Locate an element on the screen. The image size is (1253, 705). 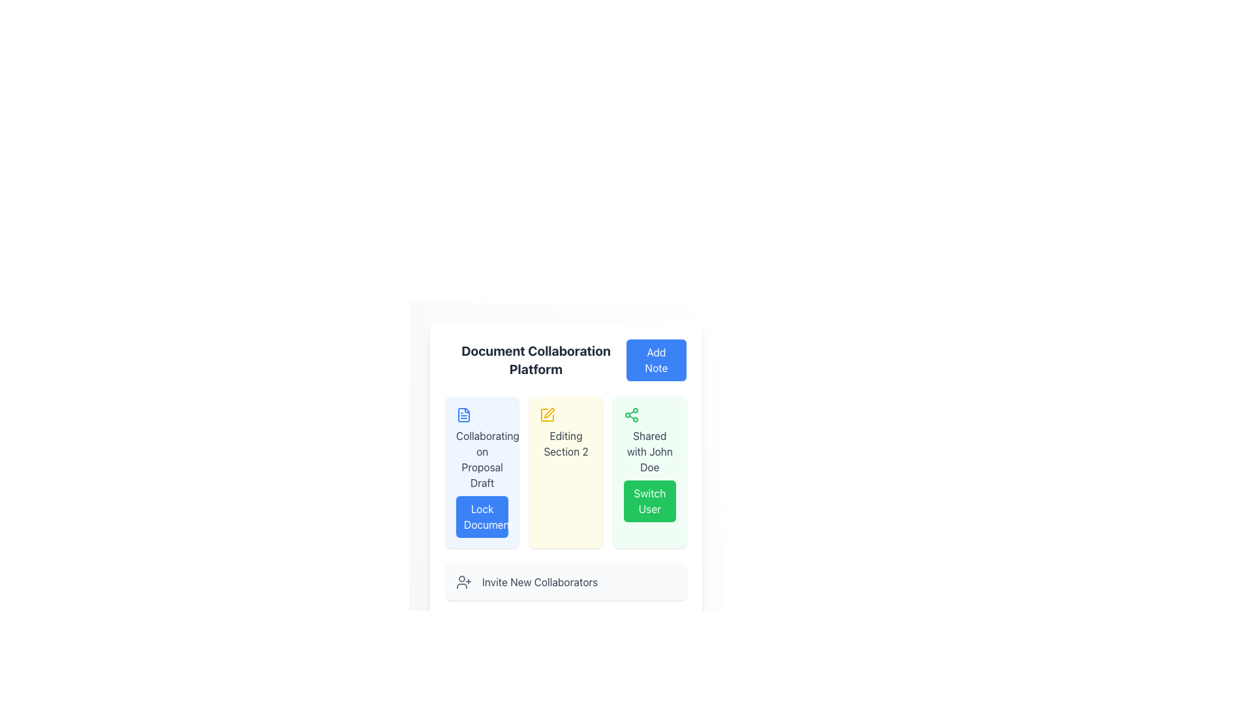
the text element stating 'Editing Section 2' which is centrally located within a card with a light yellow background is located at coordinates (566, 443).